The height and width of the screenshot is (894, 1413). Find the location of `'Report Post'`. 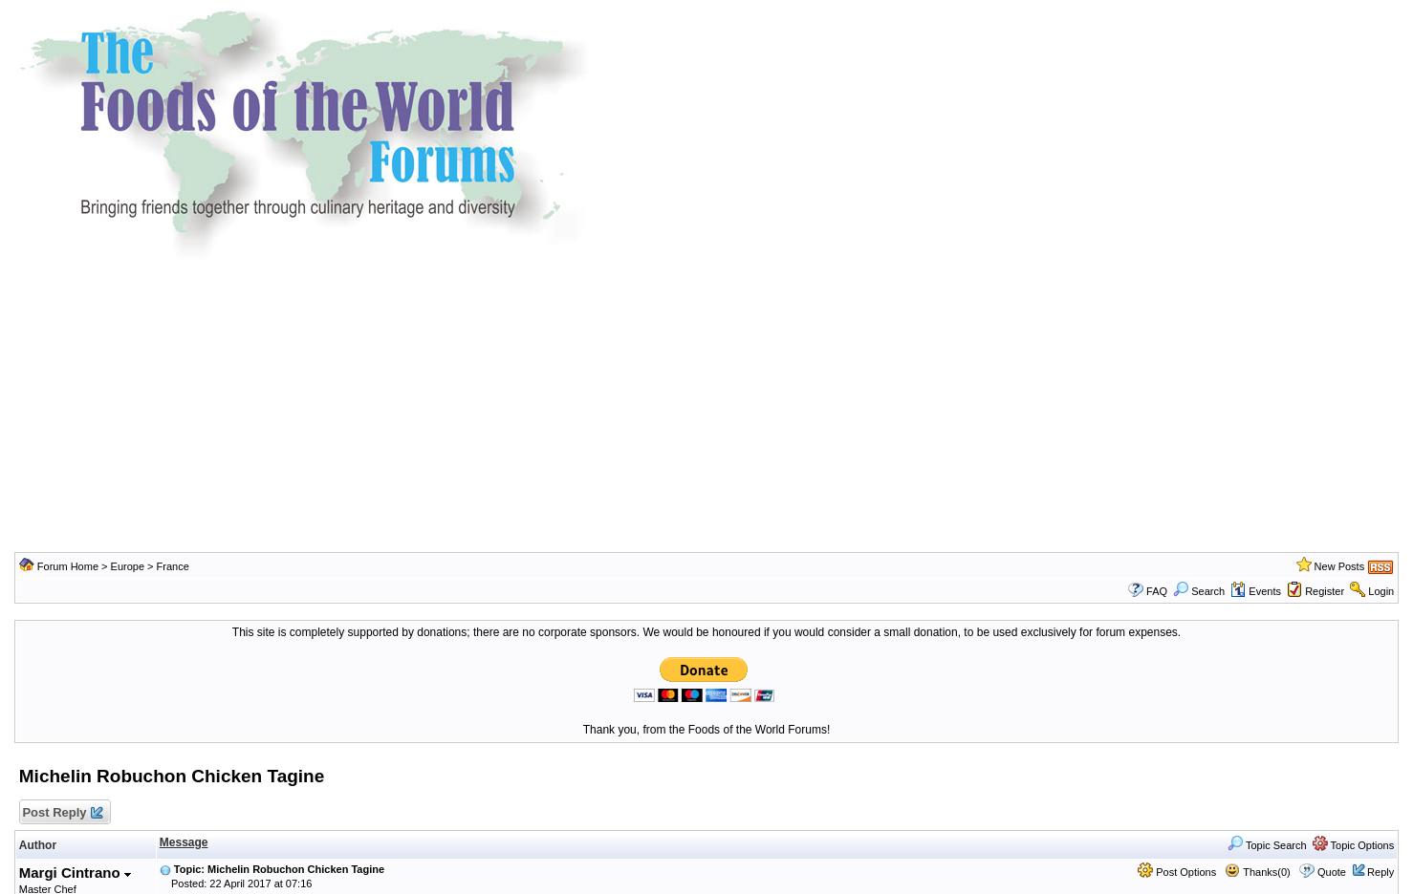

'Report Post' is located at coordinates (30, 36).